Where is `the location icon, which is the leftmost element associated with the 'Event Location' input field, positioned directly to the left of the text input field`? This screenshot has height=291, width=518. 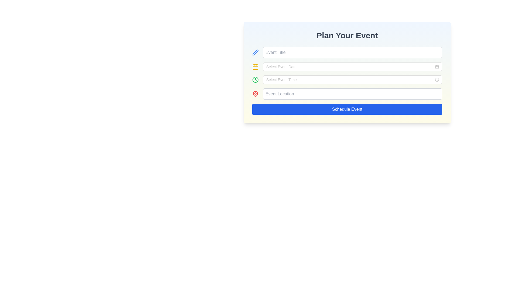 the location icon, which is the leftmost element associated with the 'Event Location' input field, positioned directly to the left of the text input field is located at coordinates (255, 93).